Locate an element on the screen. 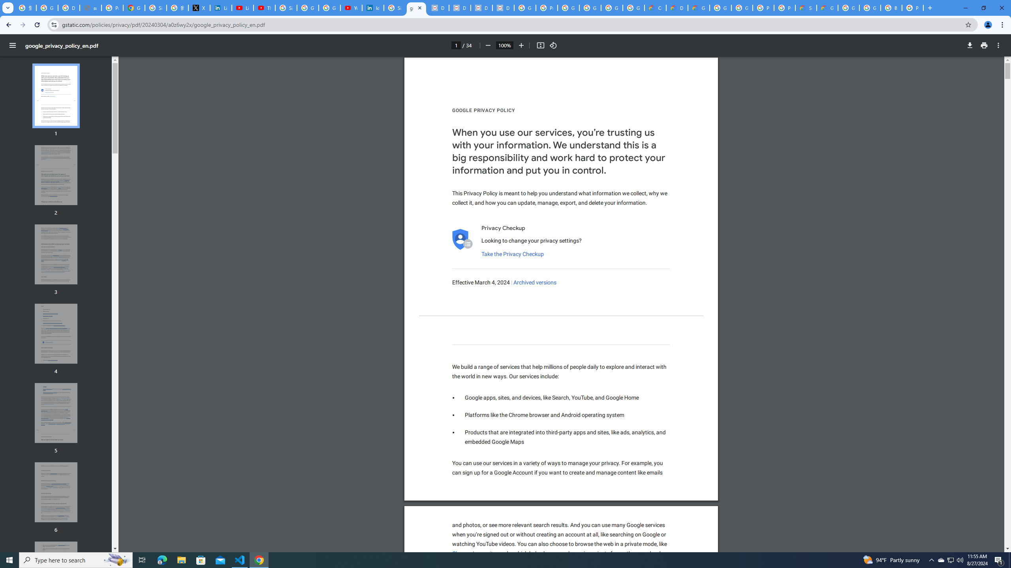 This screenshot has height=568, width=1011. 'Sign in - Google Accounts' is located at coordinates (156, 7).